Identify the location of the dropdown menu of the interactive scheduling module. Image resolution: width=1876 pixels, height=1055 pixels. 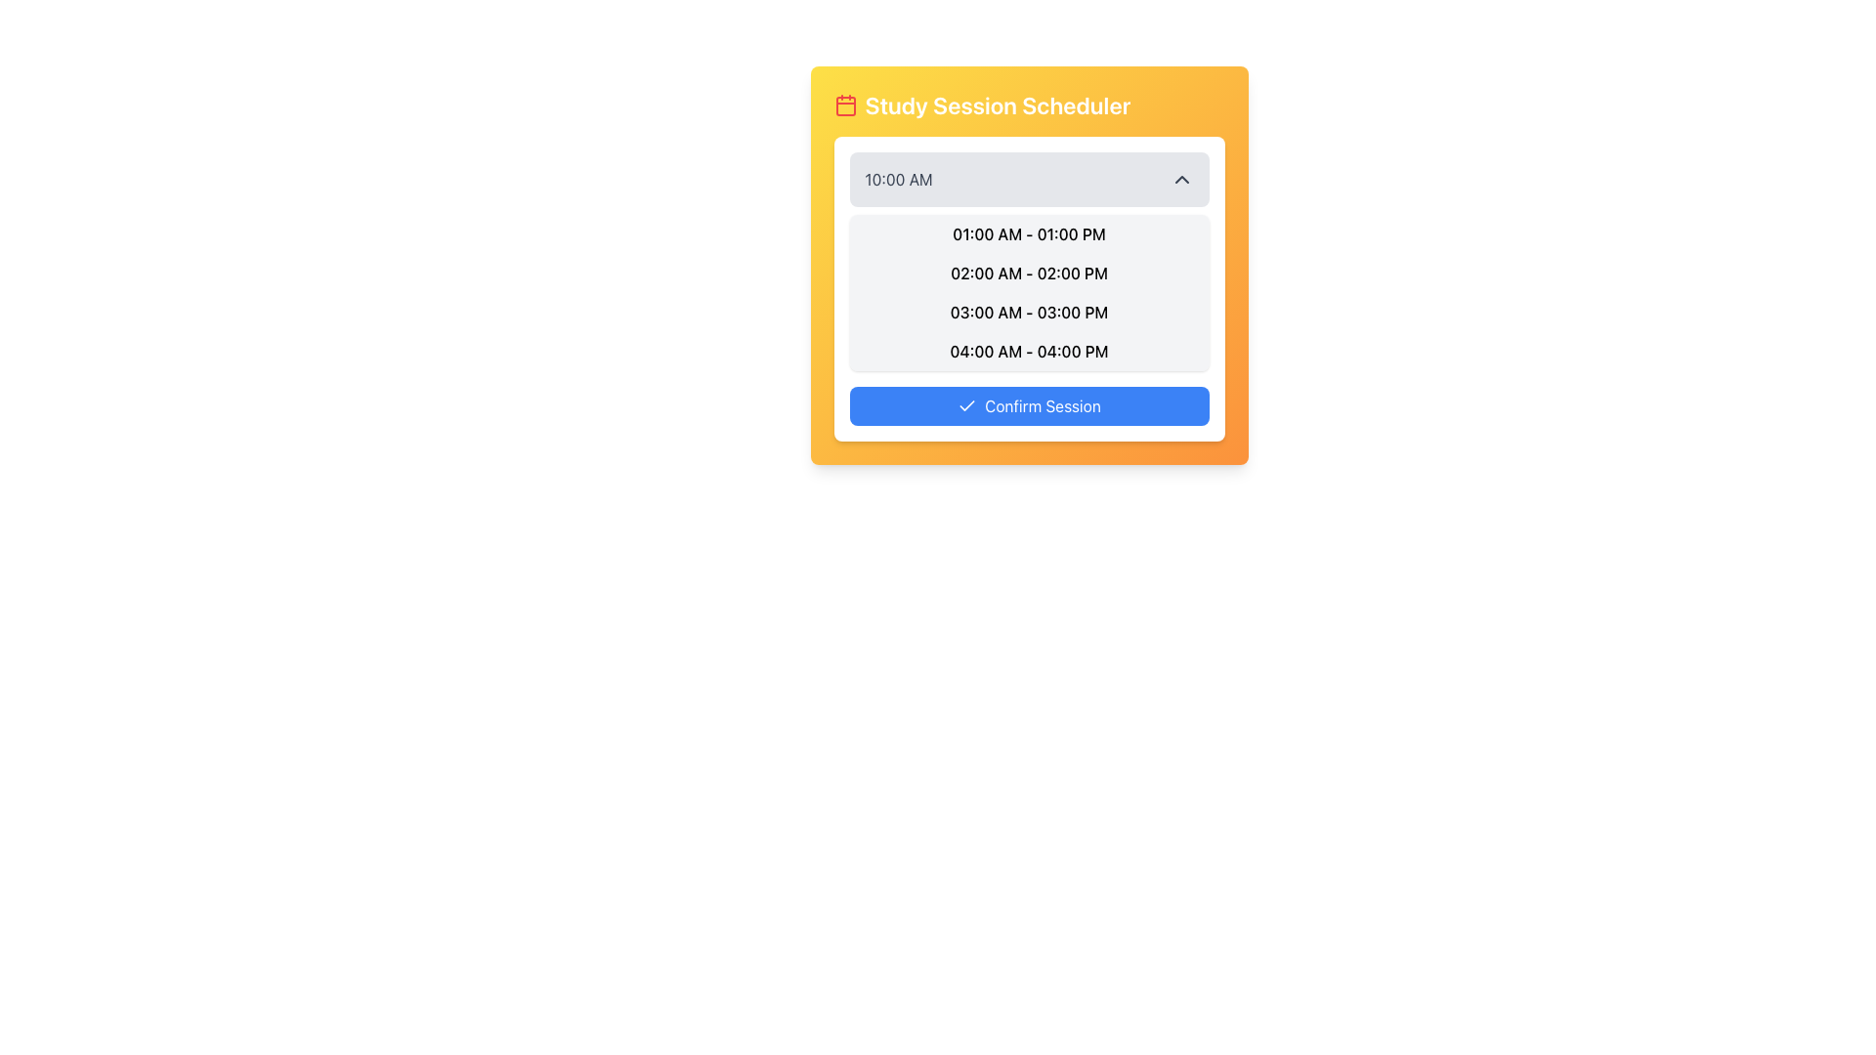
(1028, 266).